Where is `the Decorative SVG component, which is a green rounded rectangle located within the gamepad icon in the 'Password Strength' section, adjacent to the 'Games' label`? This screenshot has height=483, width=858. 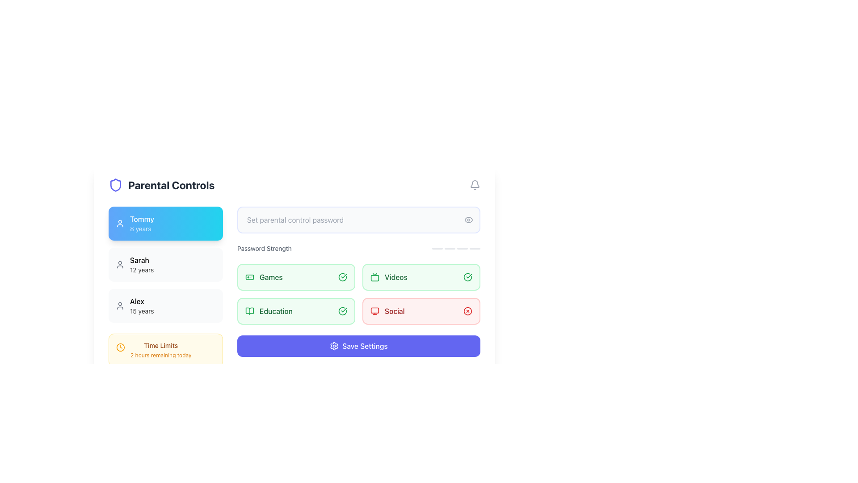
the Decorative SVG component, which is a green rounded rectangle located within the gamepad icon in the 'Password Strength' section, adjacent to the 'Games' label is located at coordinates (249, 277).